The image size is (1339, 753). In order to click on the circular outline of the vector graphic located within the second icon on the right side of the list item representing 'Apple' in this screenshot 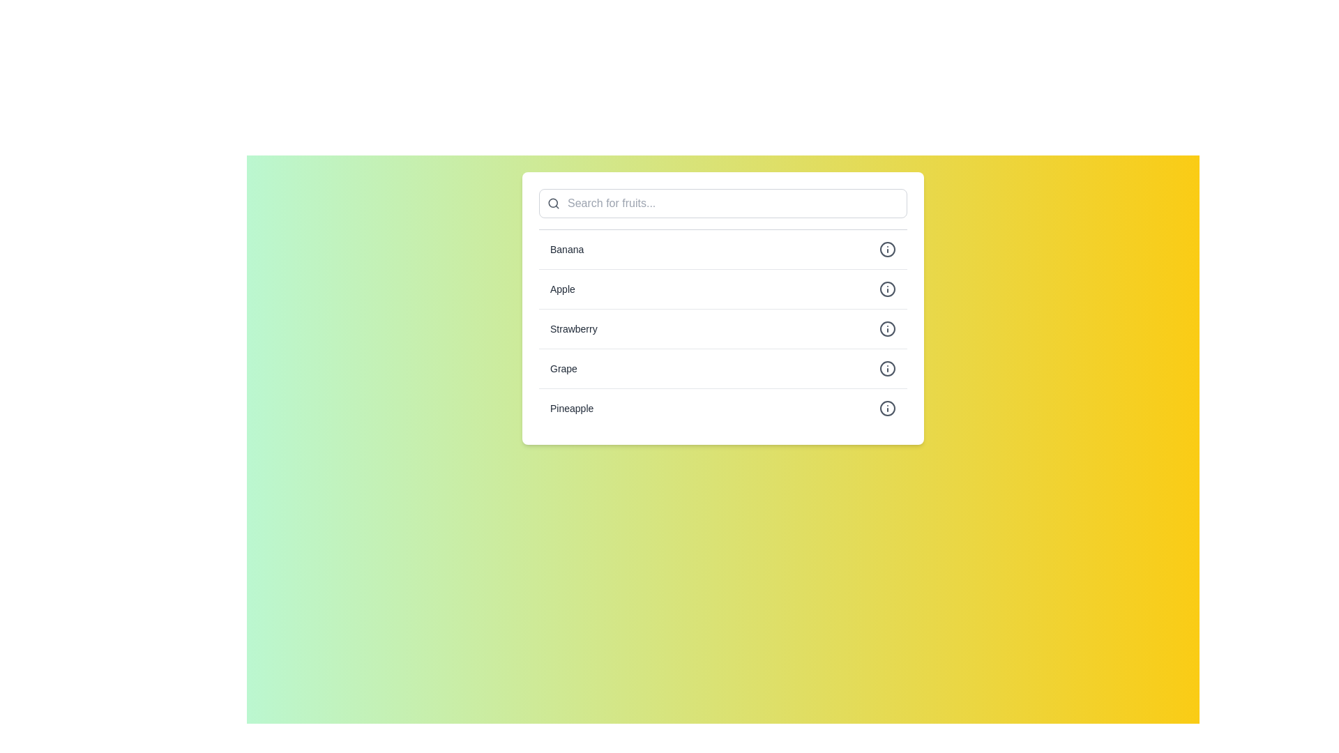, I will do `click(886, 249)`.